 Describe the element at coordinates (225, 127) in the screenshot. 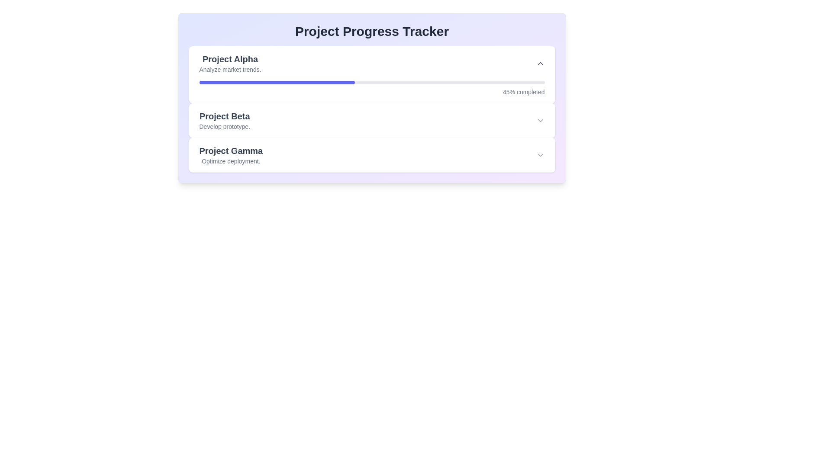

I see `the text label displaying 'Develop prototype.' which is styled in gray and positioned below the 'Project Beta' heading` at that location.